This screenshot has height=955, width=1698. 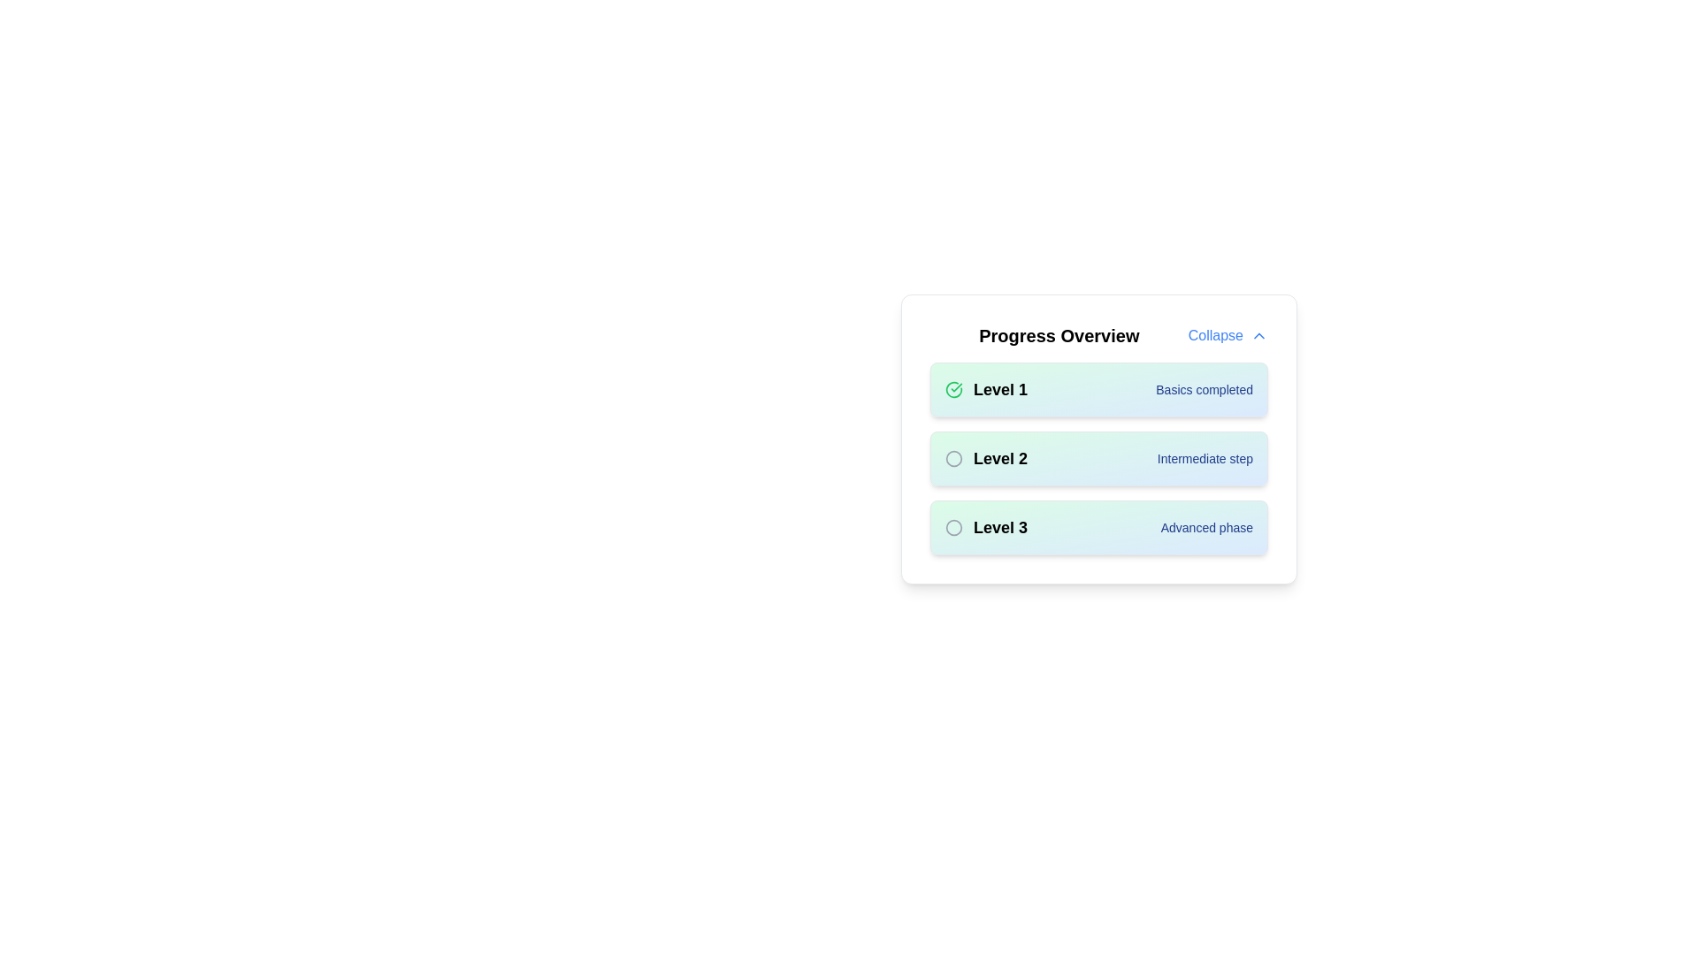 I want to click on the circular visual indicator with a gray outline and transparent fill, located in the second row of a vertically arranged list next to the label 'Level 2', so click(x=953, y=456).